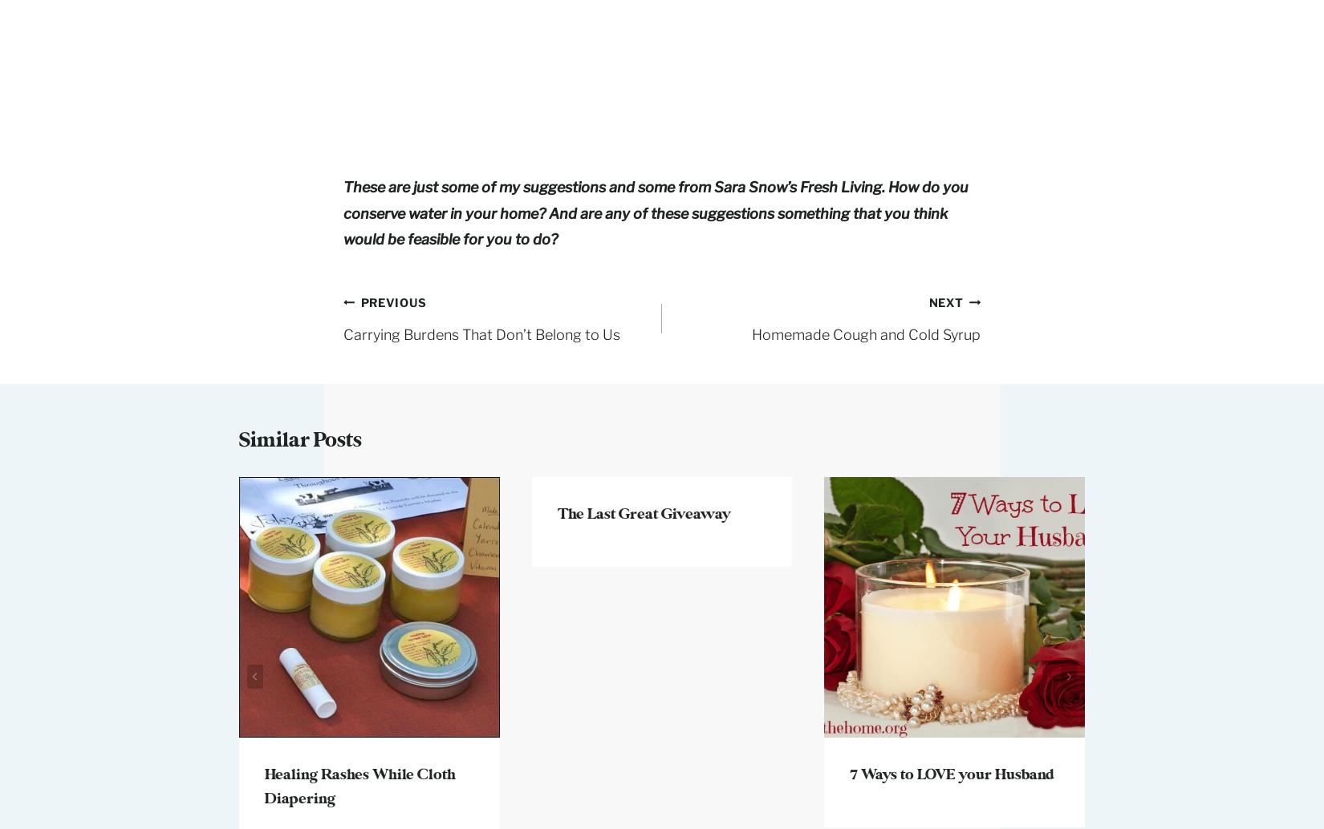 The height and width of the screenshot is (829, 1324). Describe the element at coordinates (359, 785) in the screenshot. I see `'Healing Rashes While Cloth Diapering'` at that location.